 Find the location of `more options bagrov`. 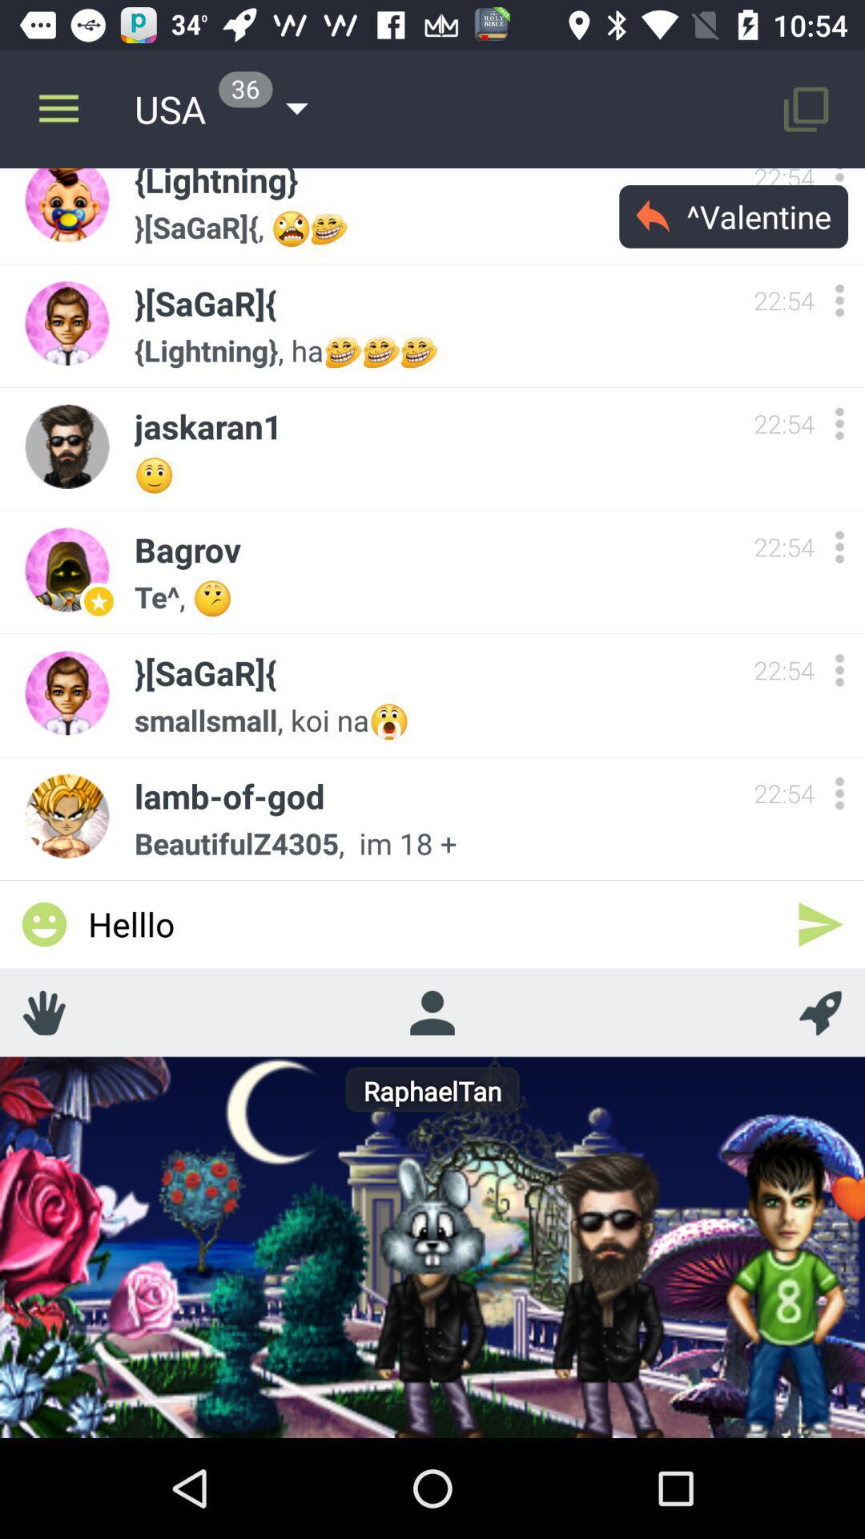

more options bagrov is located at coordinates (839, 547).